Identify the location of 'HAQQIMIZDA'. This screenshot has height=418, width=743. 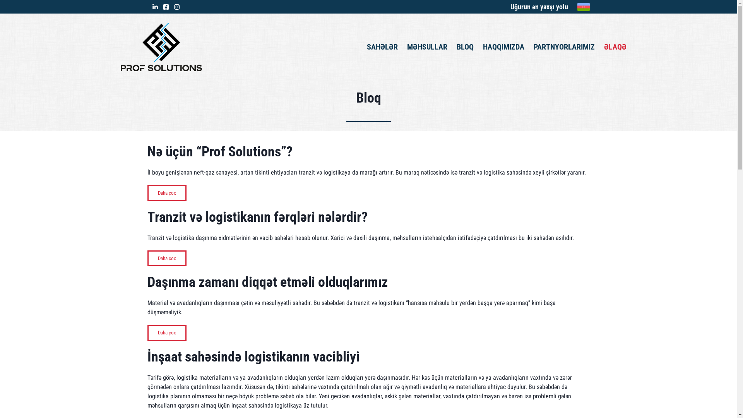
(483, 46).